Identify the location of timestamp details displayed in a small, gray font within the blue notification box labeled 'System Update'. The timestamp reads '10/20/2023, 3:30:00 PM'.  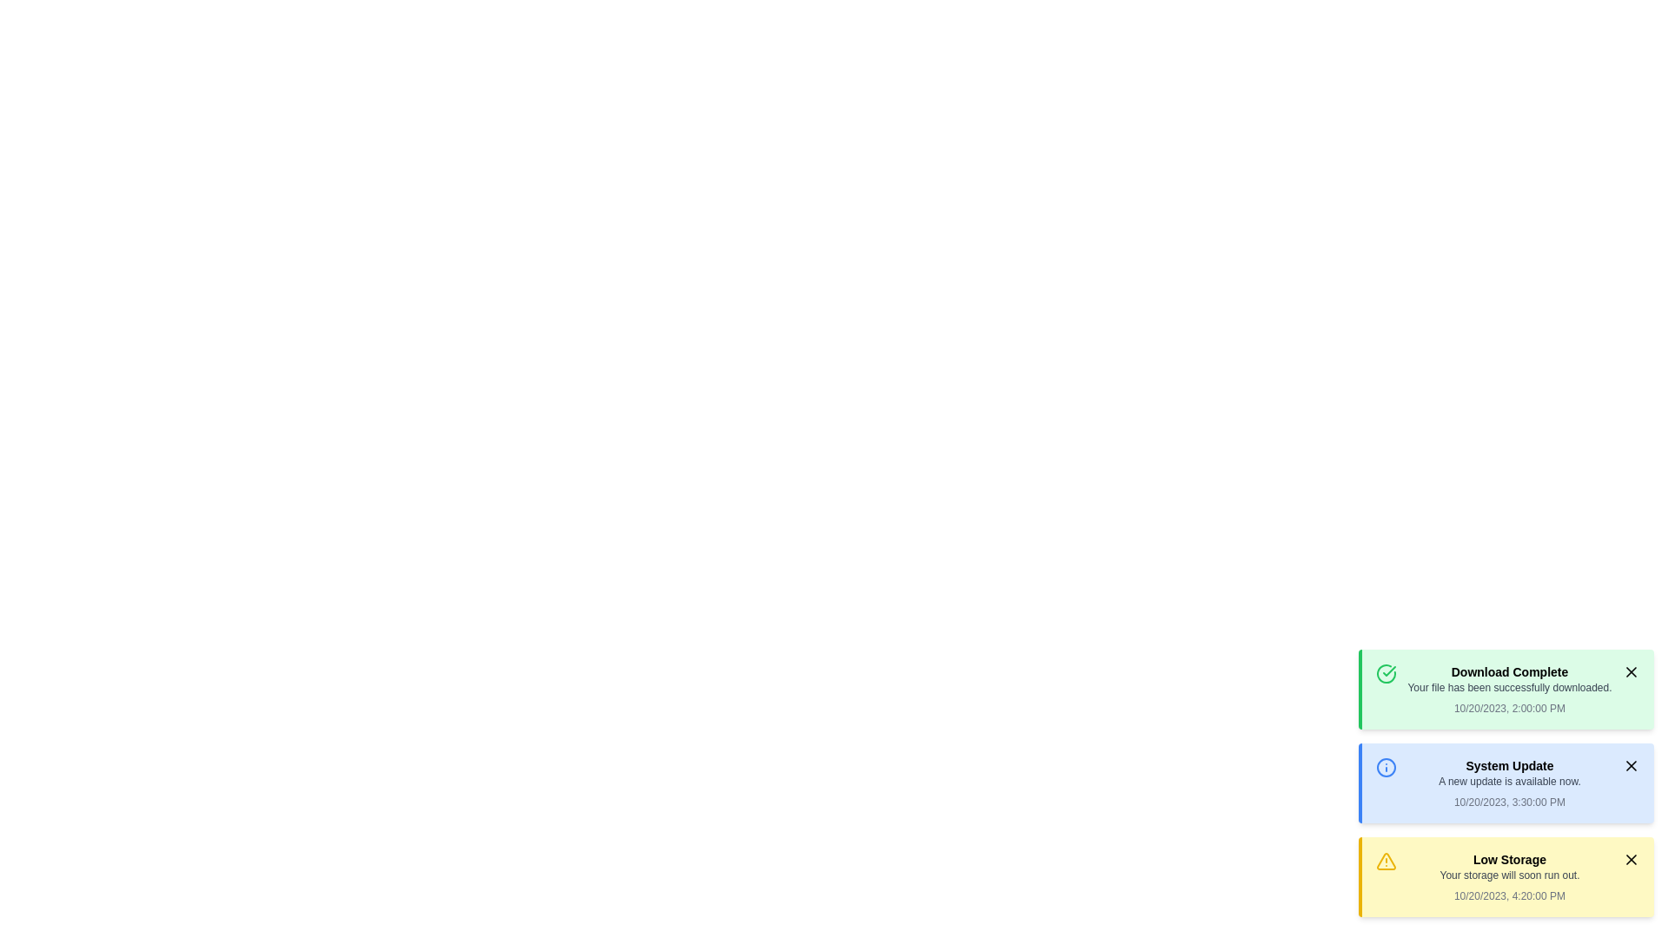
(1508, 803).